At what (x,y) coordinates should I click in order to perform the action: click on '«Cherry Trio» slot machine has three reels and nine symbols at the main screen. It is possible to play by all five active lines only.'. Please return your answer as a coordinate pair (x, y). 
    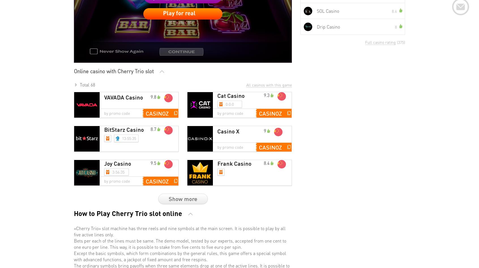
    Looking at the image, I should click on (179, 231).